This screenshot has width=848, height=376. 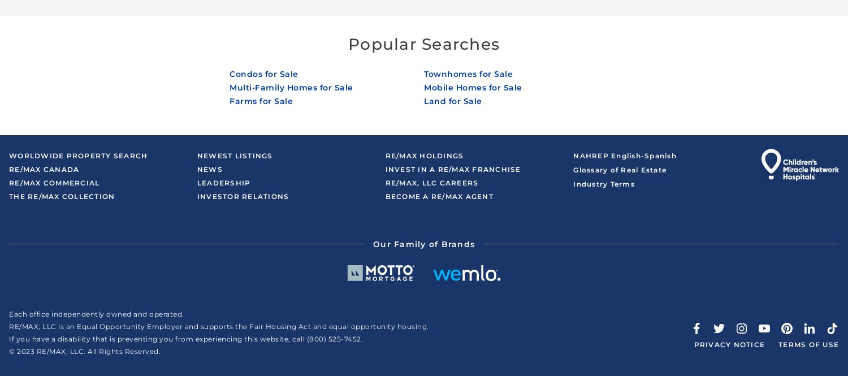 I want to click on 'RE/MAX, LLC Careers', so click(x=385, y=183).